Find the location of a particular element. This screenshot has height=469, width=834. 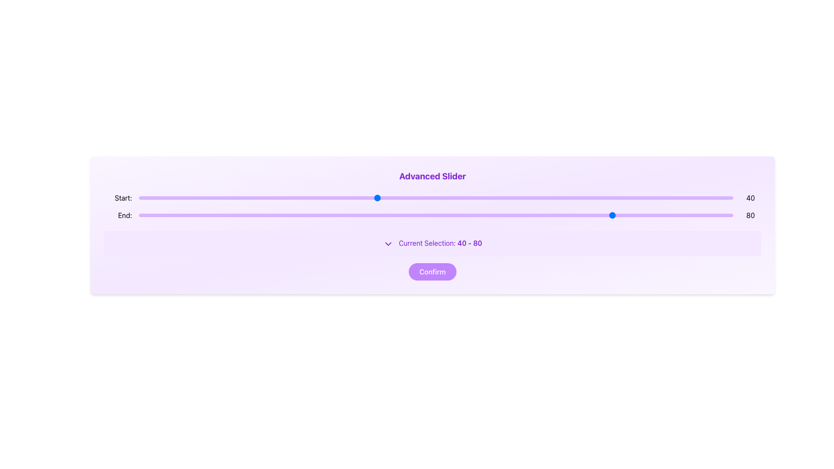

the start slider is located at coordinates (513, 198).